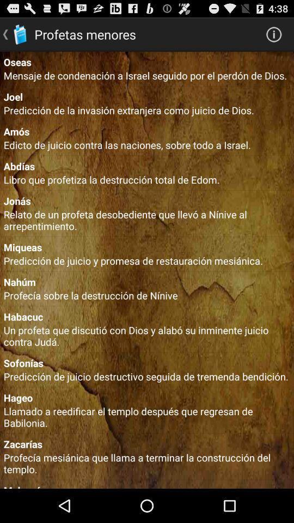  I want to click on the habacuc item, so click(147, 317).